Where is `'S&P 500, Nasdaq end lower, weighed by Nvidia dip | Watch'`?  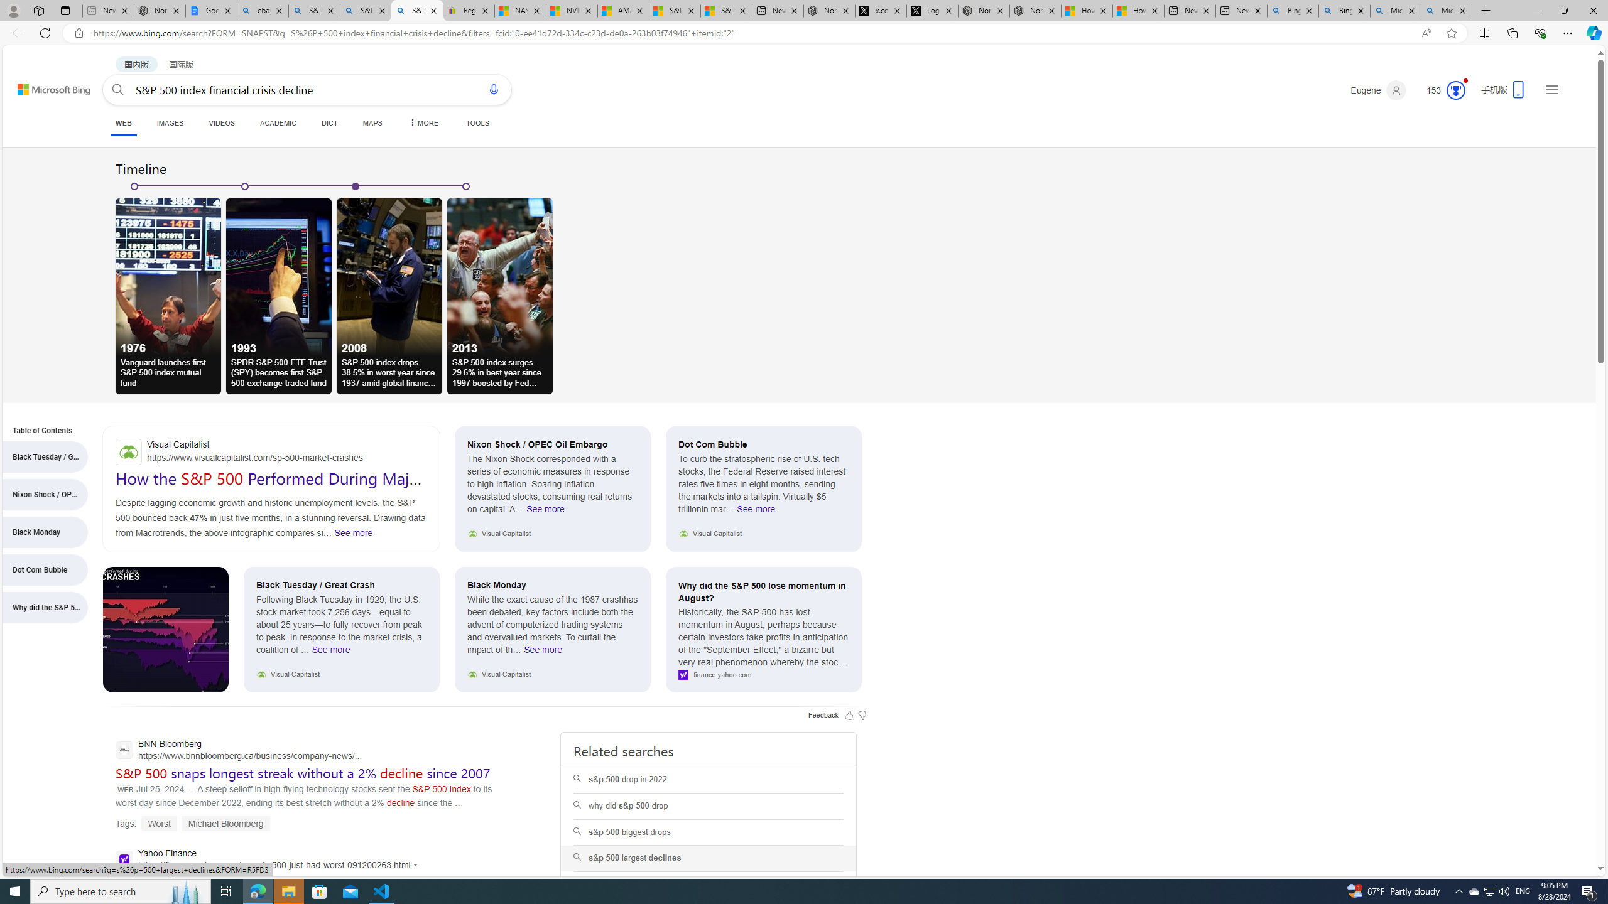
'S&P 500, Nasdaq end lower, weighed by Nvidia dip | Watch' is located at coordinates (725, 10).